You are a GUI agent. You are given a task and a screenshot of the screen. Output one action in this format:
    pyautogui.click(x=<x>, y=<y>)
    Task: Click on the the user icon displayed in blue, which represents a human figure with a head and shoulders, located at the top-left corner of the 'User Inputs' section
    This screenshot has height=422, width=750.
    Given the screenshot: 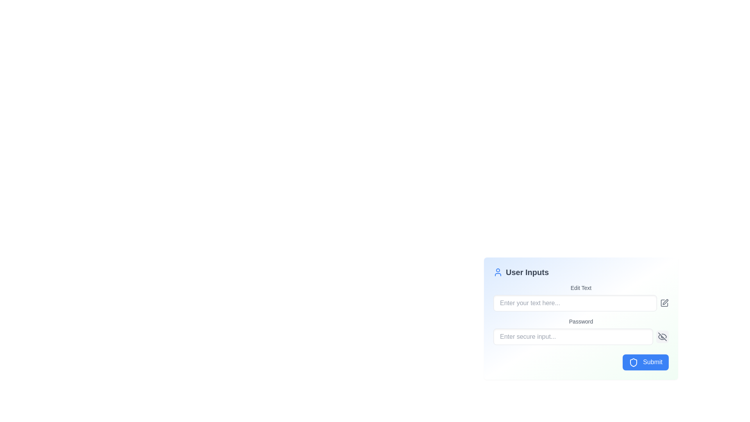 What is the action you would take?
    pyautogui.click(x=498, y=272)
    